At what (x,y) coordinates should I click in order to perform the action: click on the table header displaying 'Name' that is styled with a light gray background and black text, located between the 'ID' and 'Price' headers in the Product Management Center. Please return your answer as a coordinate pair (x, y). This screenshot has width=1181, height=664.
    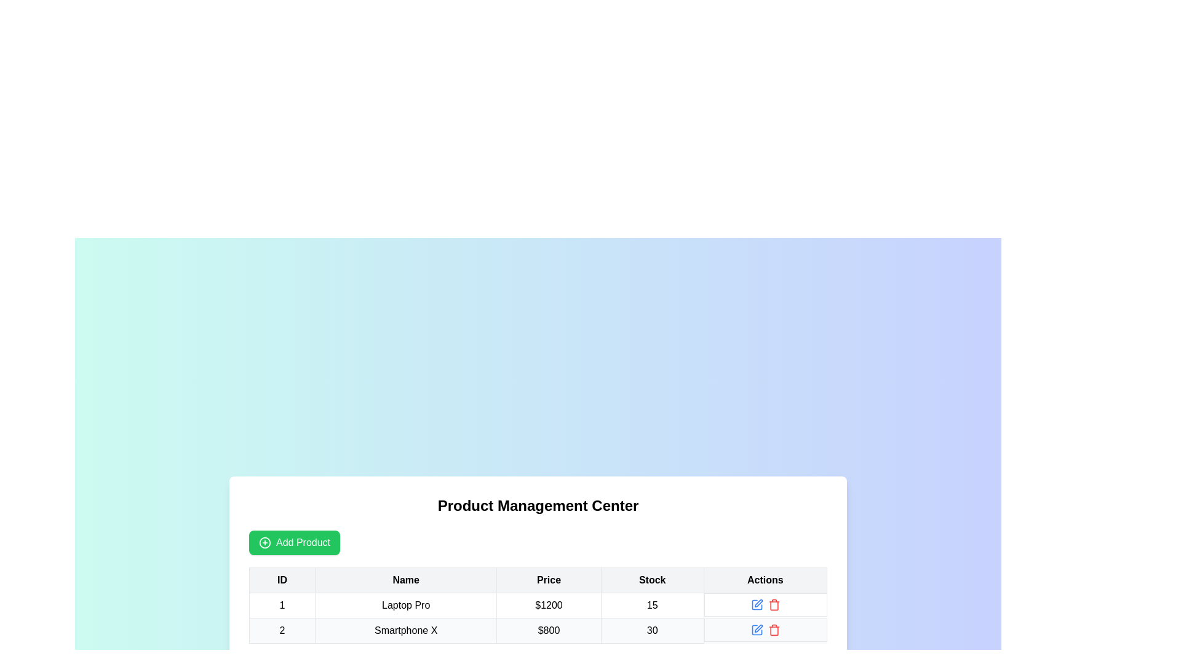
    Looking at the image, I should click on (406, 580).